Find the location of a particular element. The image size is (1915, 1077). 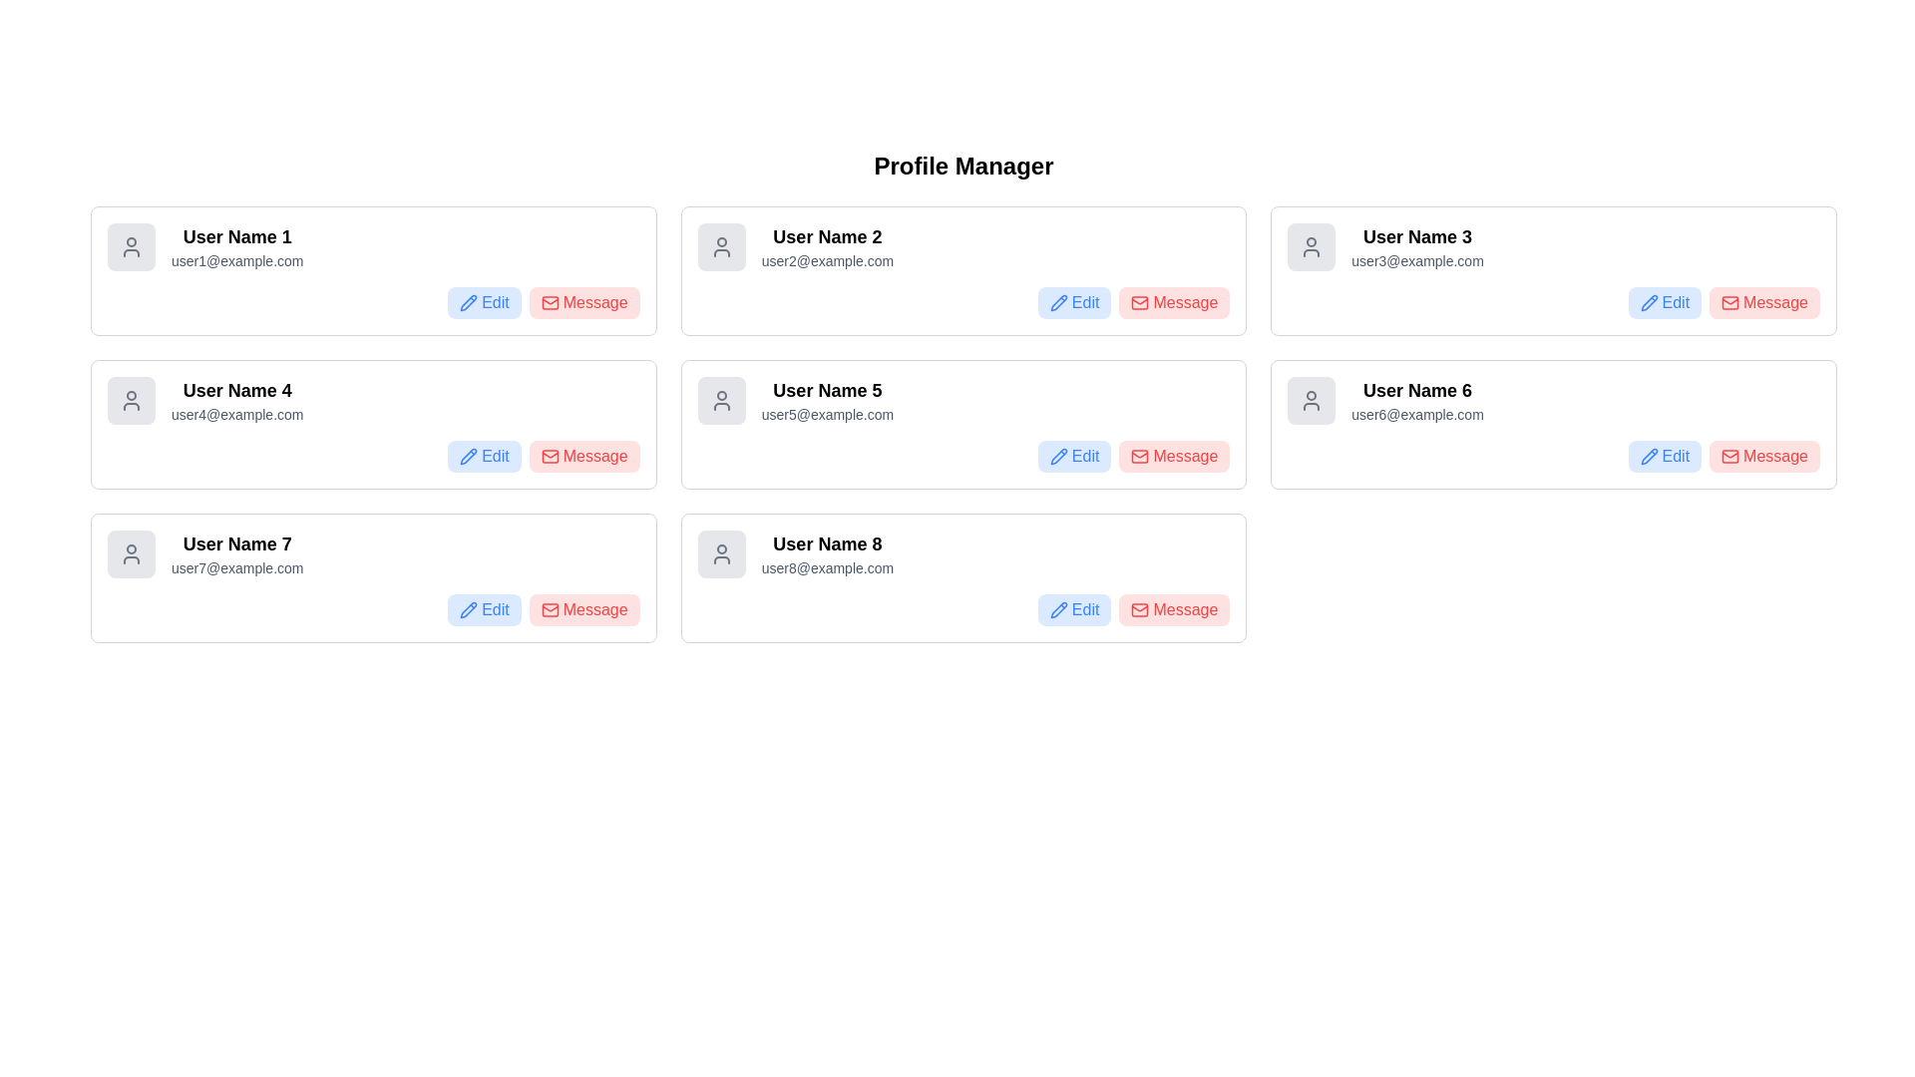

the edit icon located within the 'Edit' button in the top-right segment of the user card for 'User Name 3' is located at coordinates (1649, 303).